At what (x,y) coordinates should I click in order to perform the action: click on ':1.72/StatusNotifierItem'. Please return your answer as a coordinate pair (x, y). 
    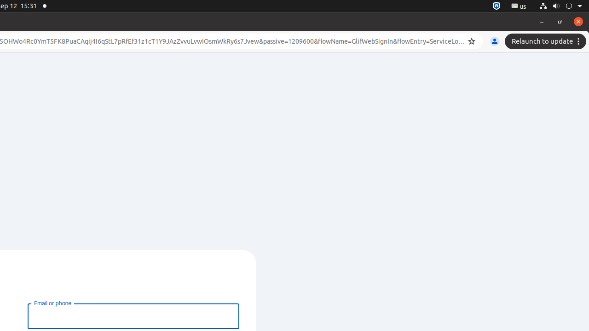
    Looking at the image, I should click on (496, 6).